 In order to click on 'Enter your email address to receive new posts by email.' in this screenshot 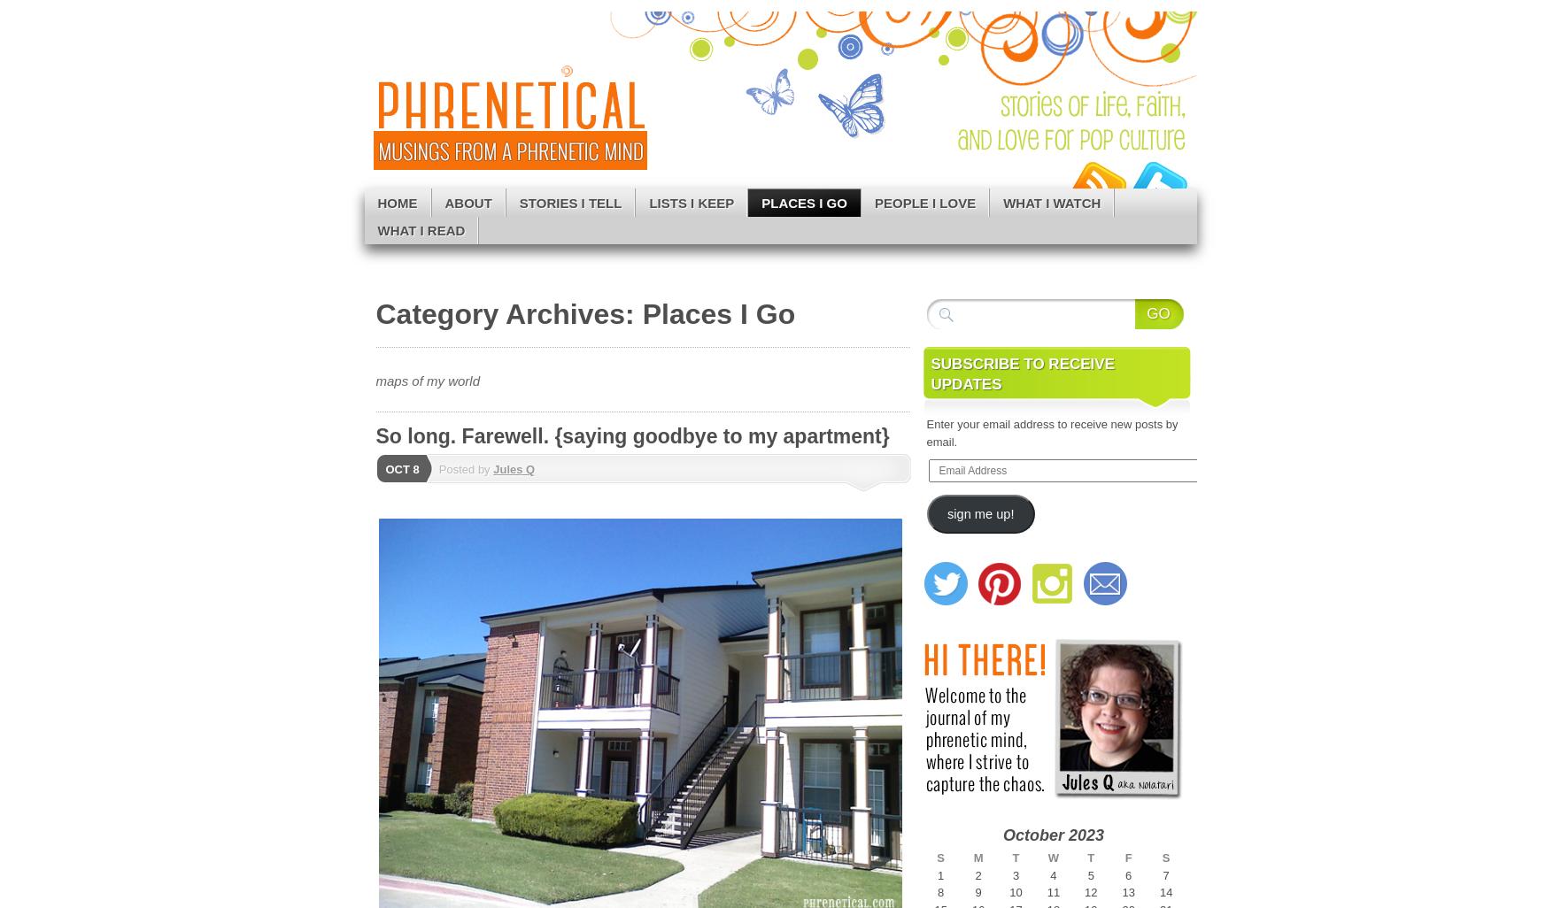, I will do `click(1051, 431)`.